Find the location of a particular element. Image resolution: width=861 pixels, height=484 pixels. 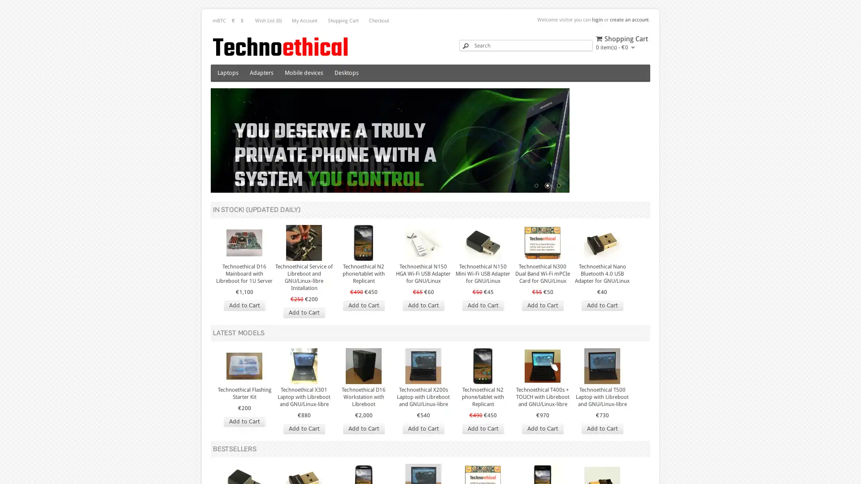

Add to Cart is located at coordinates (244, 451).